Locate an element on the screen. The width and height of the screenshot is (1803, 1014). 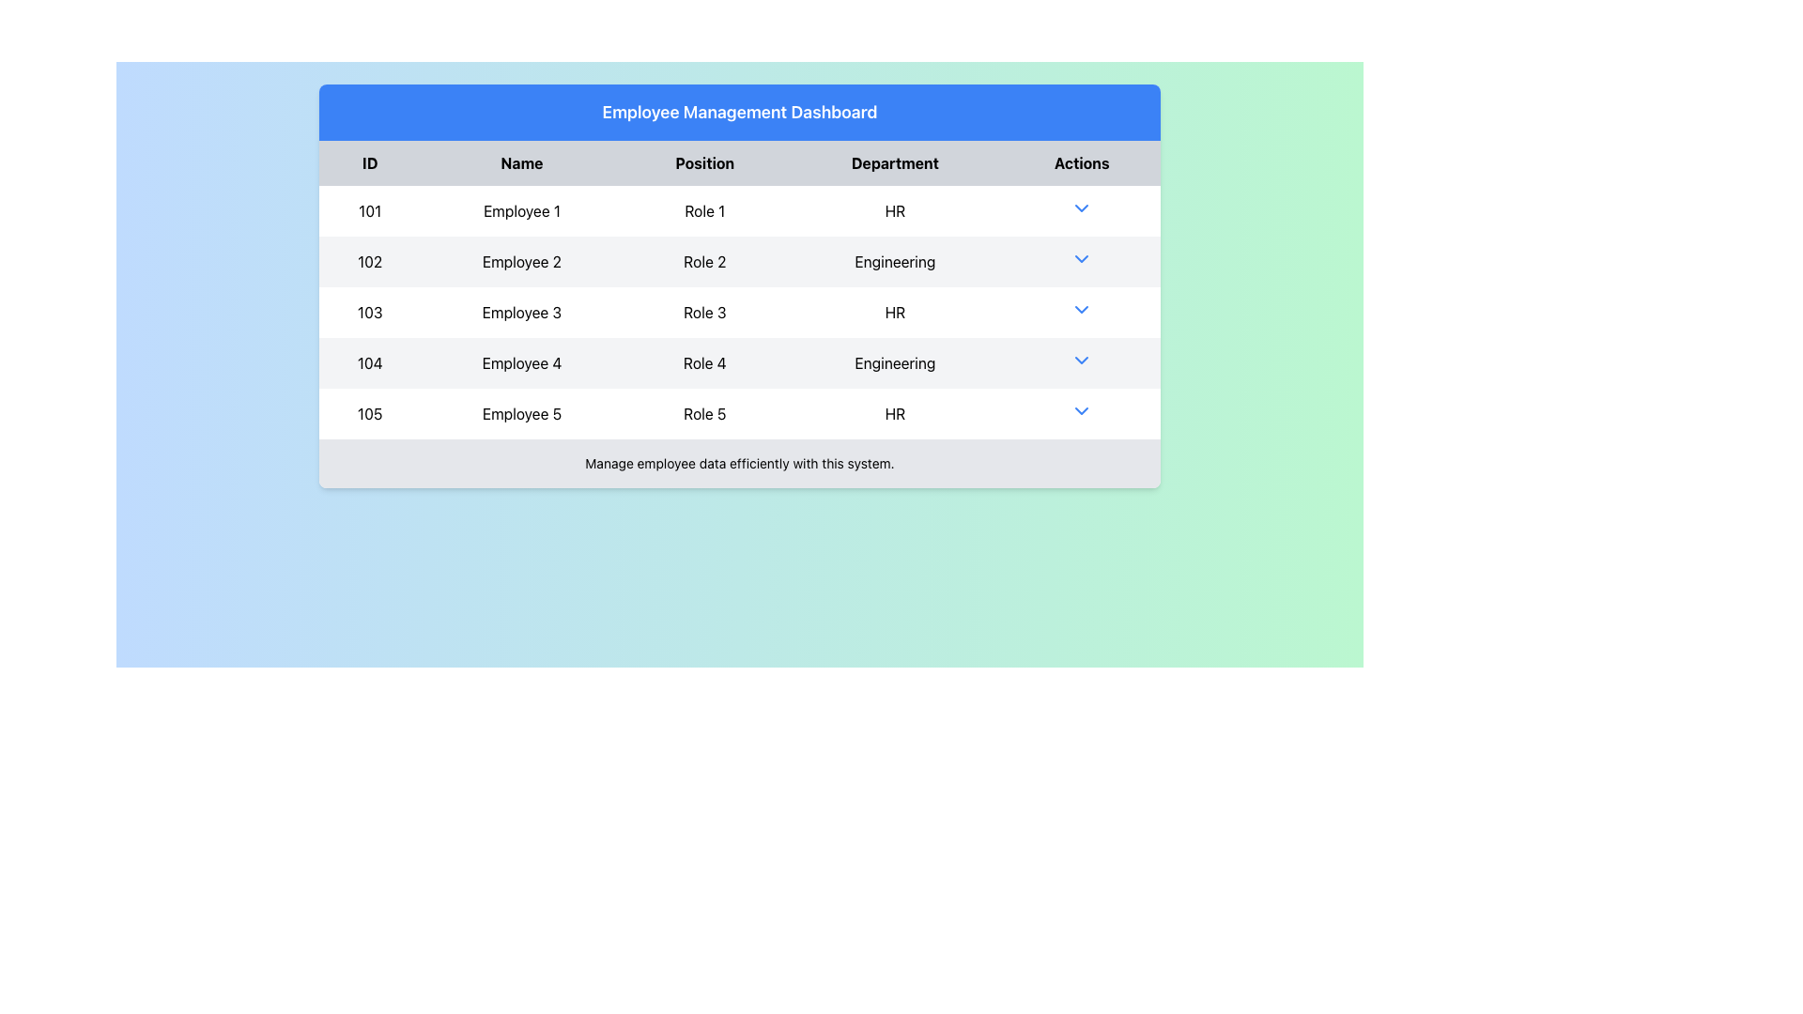
the blue downward-pointing chevron icon is located at coordinates (1082, 362).